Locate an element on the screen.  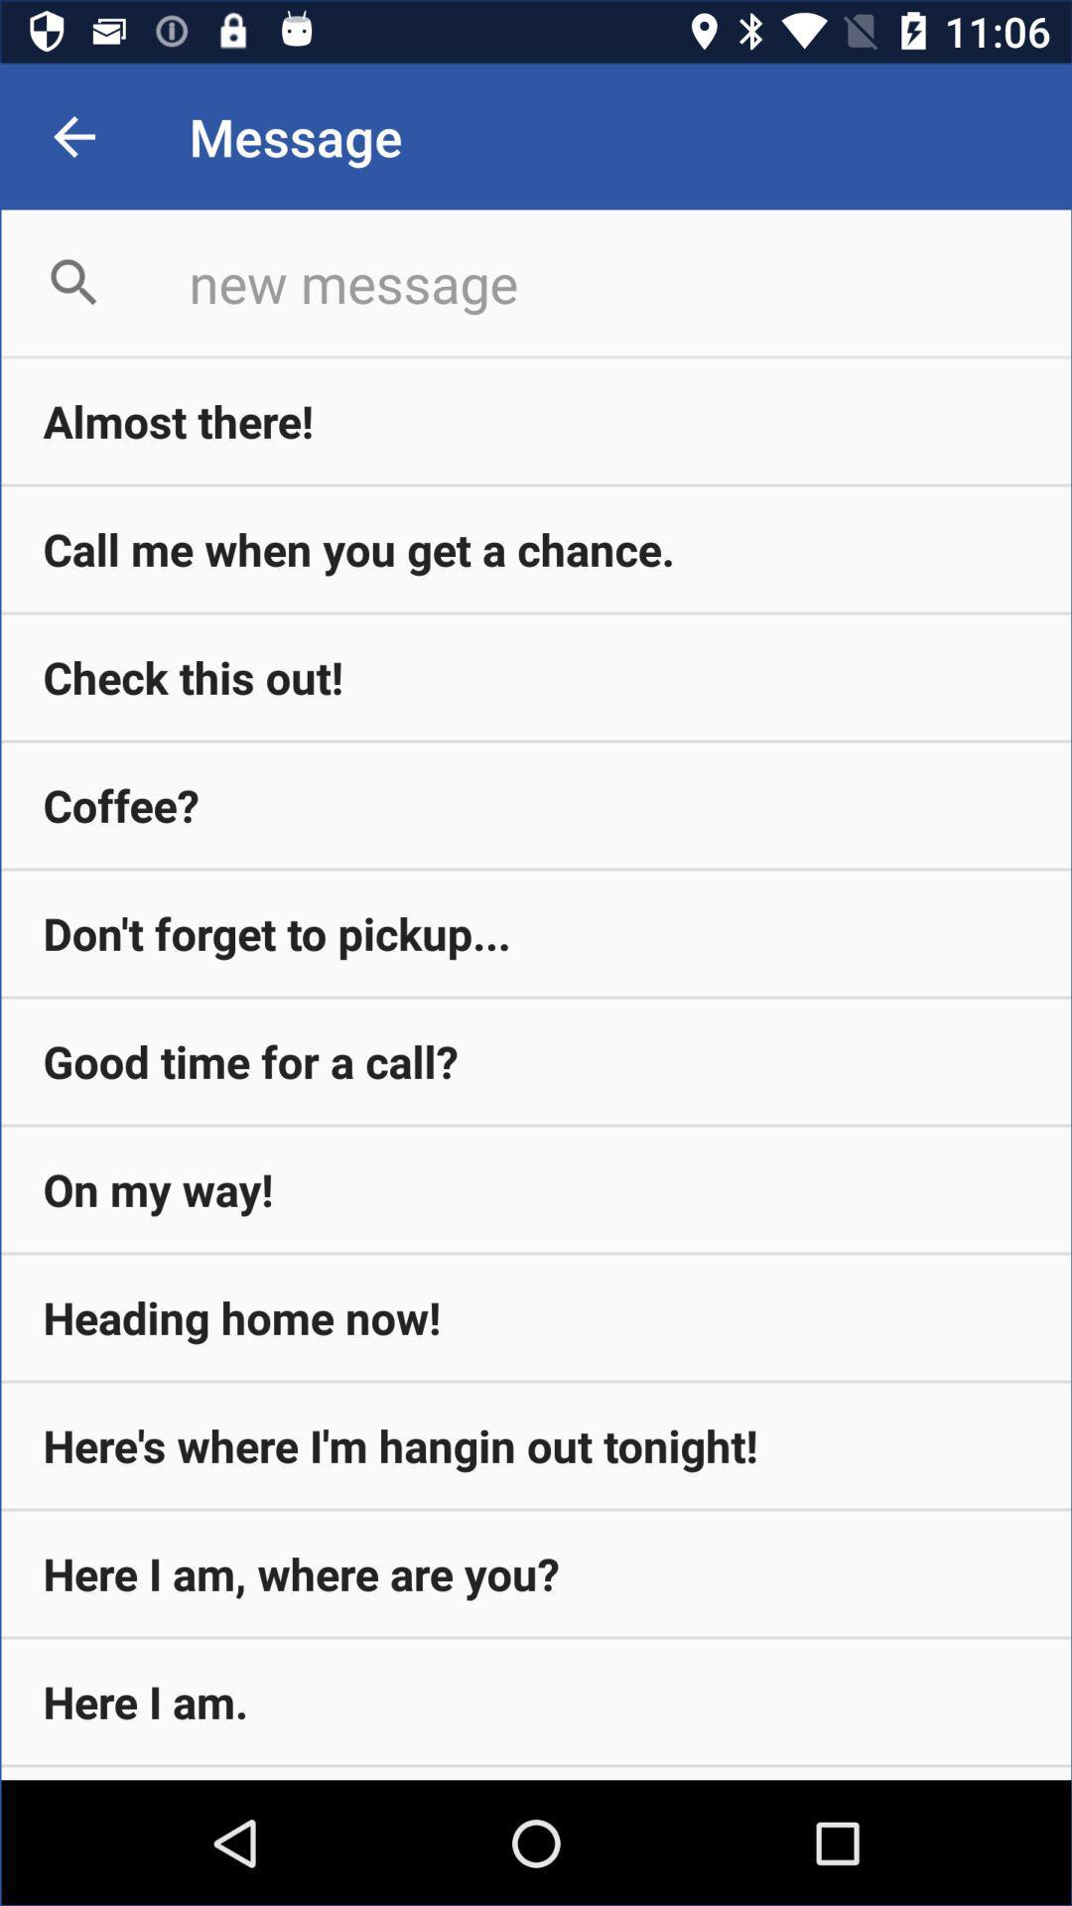
item below the on my way! icon is located at coordinates (536, 1317).